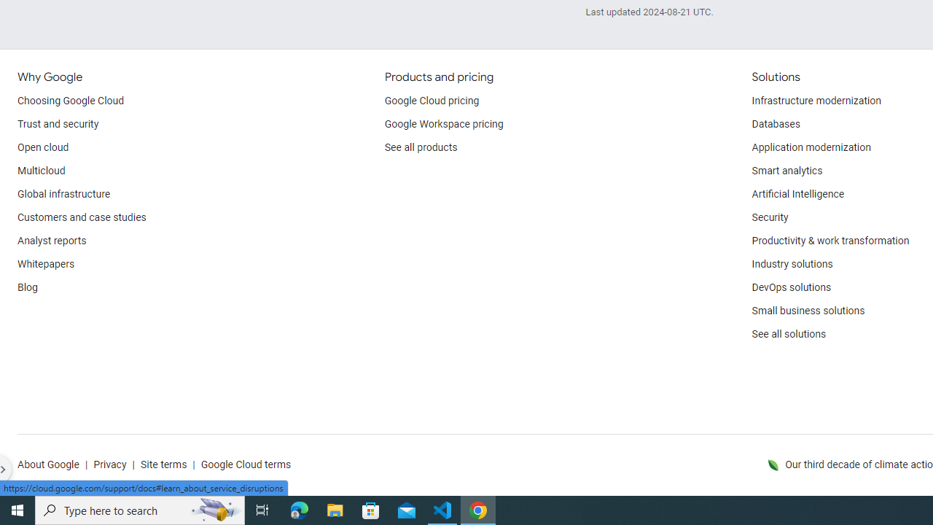  Describe the element at coordinates (163, 464) in the screenshot. I see `'Site terms'` at that location.